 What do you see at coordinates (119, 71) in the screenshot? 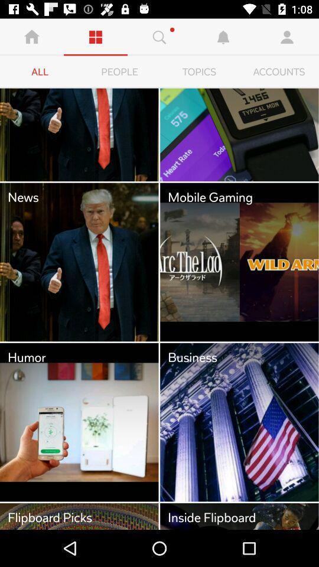
I see `people icon` at bounding box center [119, 71].